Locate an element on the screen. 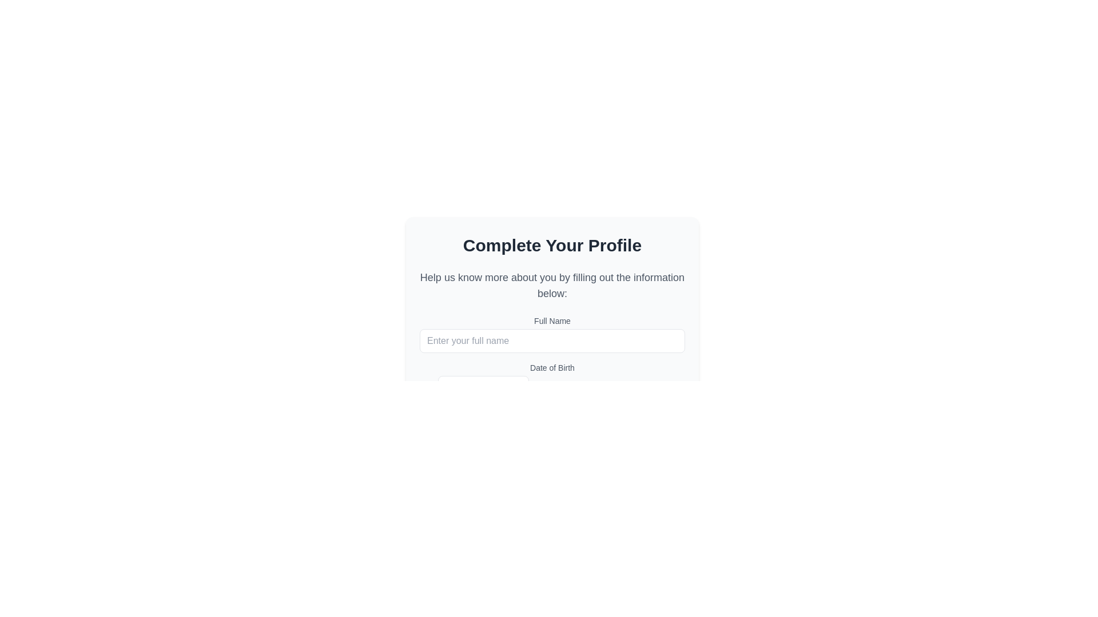 The width and height of the screenshot is (1098, 617). the date picker input field labeled 'Date of Birth' is located at coordinates (483, 387).